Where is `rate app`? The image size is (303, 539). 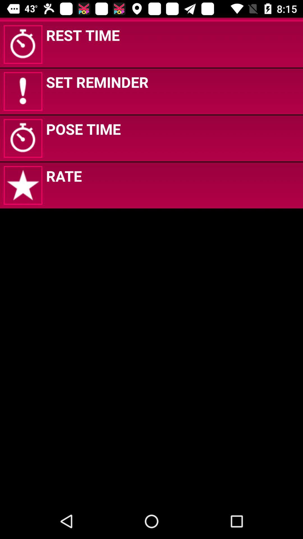 rate app is located at coordinates (63, 175).